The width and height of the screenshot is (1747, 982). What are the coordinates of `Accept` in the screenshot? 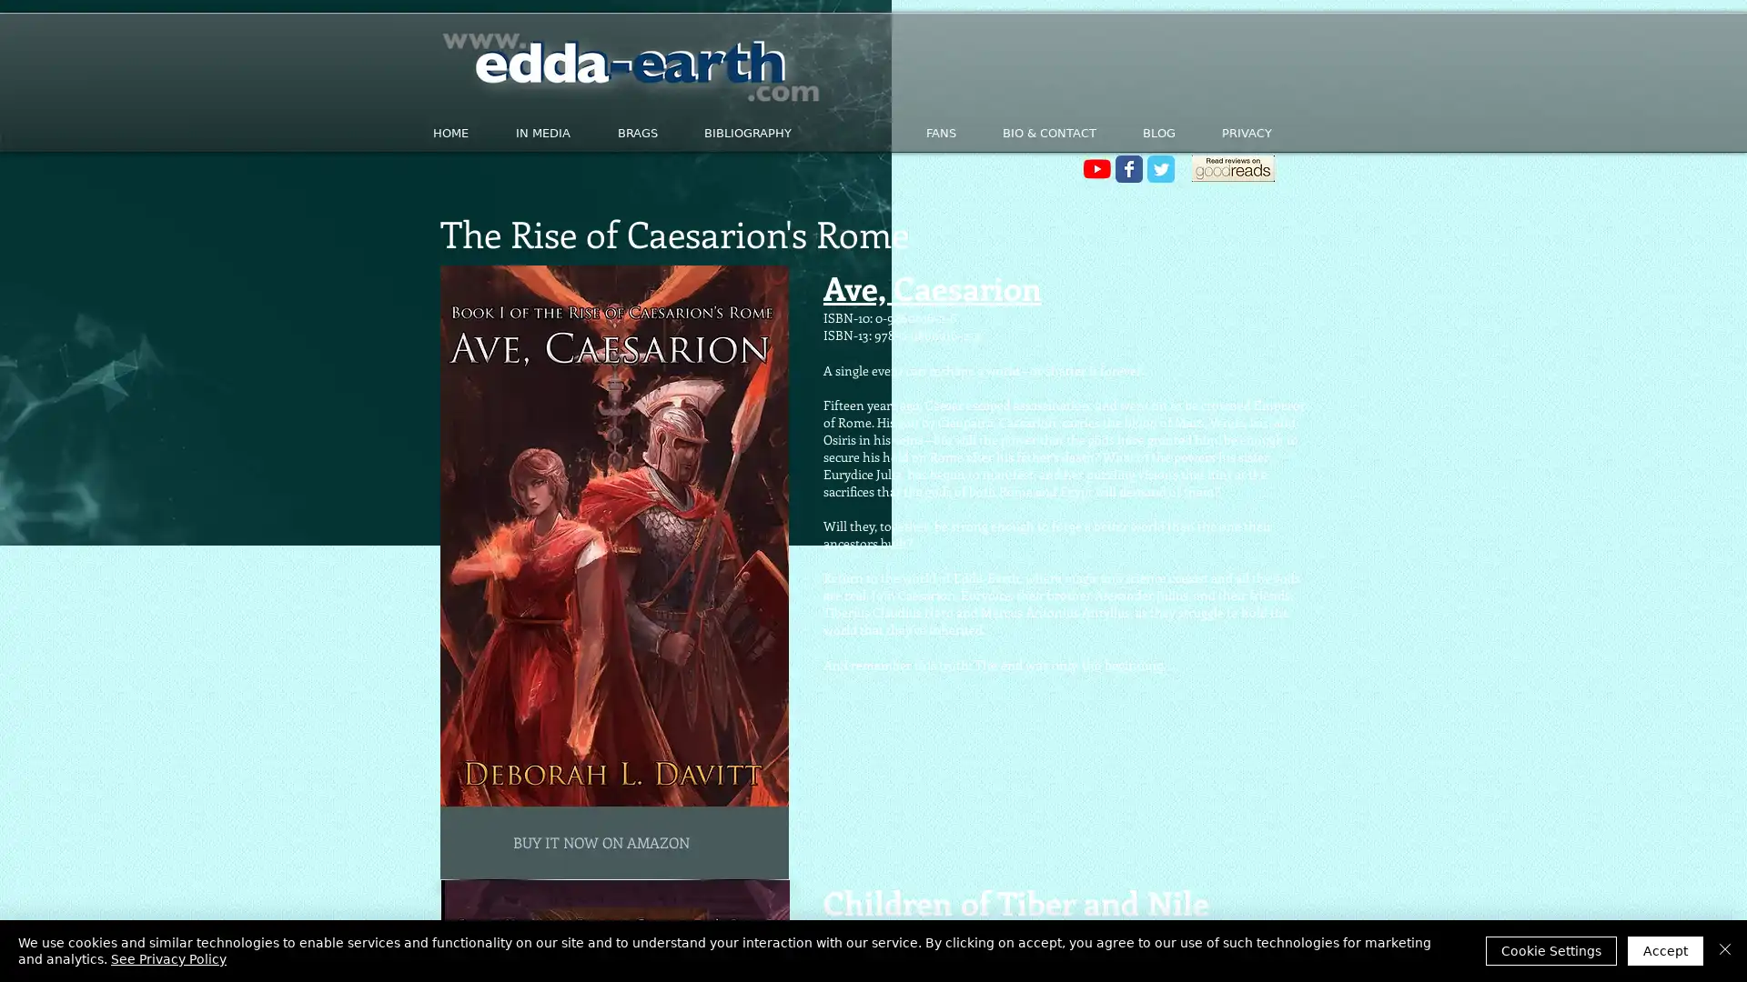 It's located at (1665, 949).